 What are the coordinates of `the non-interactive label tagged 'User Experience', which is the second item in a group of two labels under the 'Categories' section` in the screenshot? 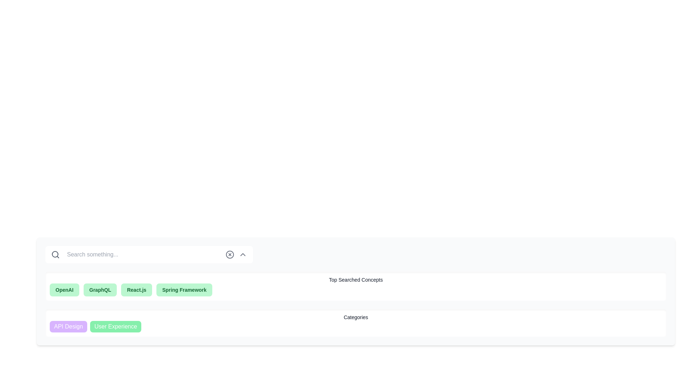 It's located at (116, 326).